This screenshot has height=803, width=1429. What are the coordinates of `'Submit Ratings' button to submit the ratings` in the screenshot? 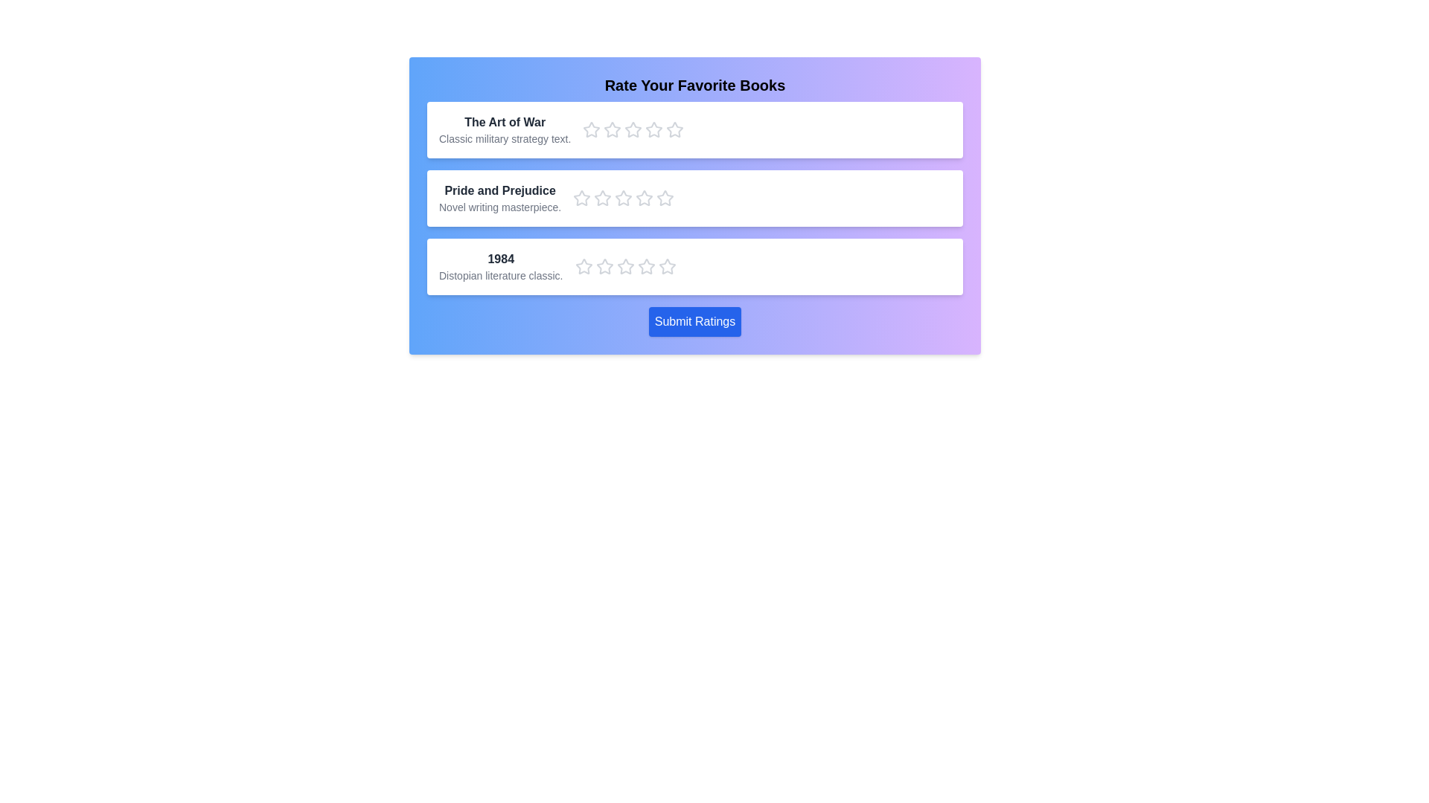 It's located at (694, 320).